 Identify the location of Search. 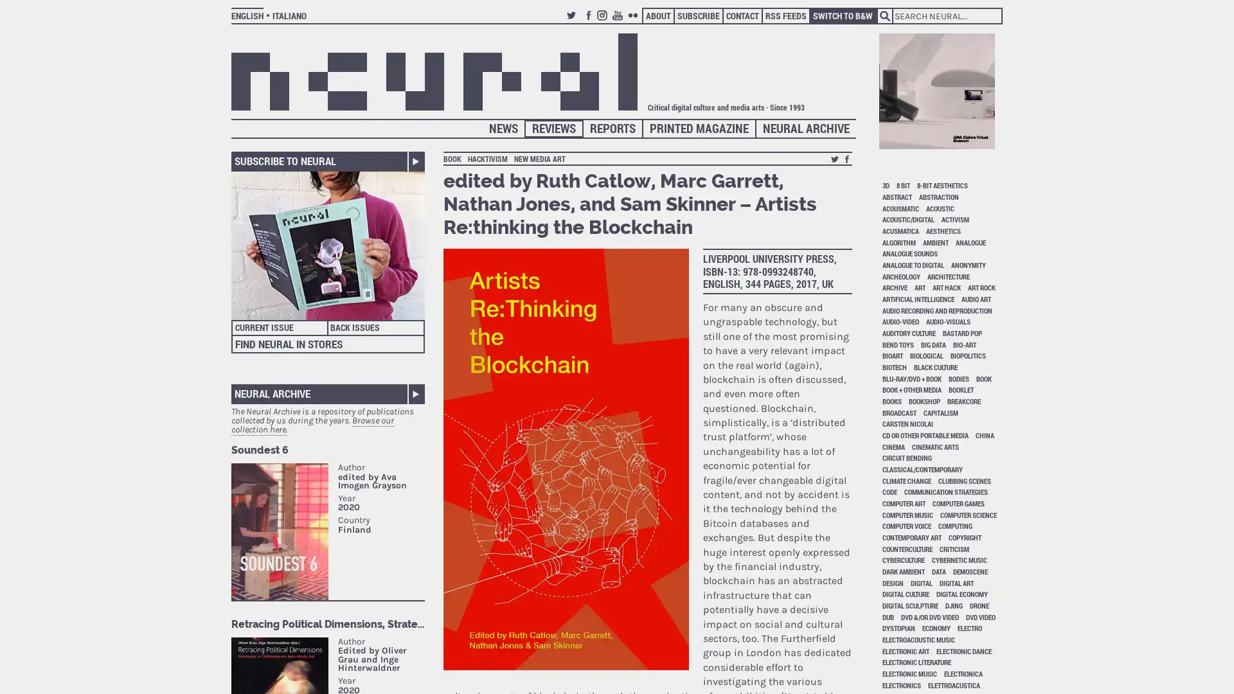
(884, 15).